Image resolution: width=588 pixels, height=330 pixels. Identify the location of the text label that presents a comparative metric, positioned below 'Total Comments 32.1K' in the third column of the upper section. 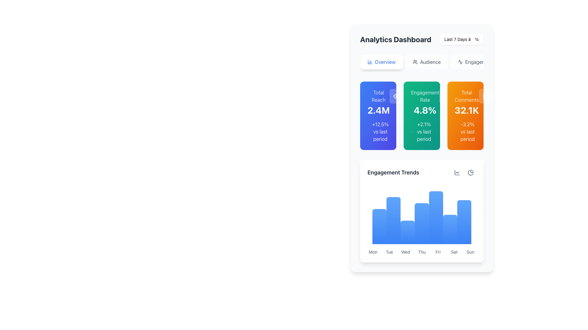
(467, 131).